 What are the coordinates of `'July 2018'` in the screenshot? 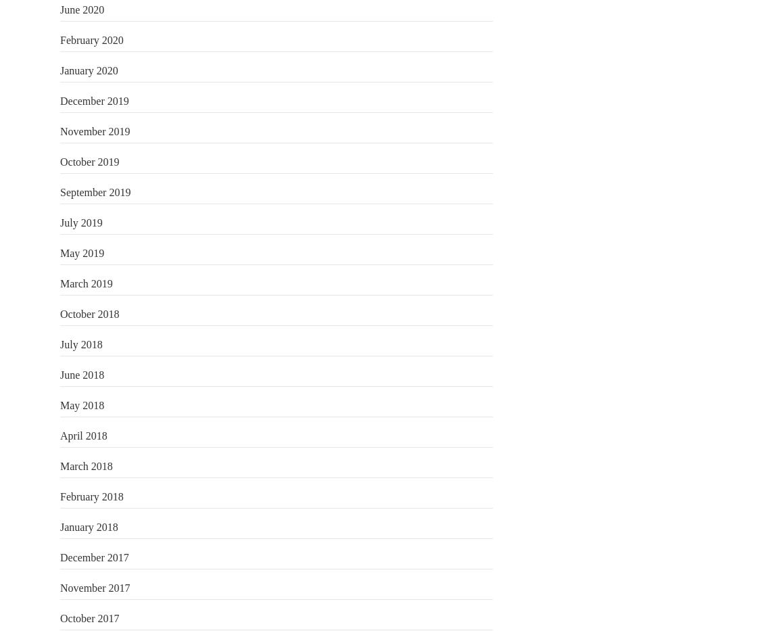 It's located at (60, 344).